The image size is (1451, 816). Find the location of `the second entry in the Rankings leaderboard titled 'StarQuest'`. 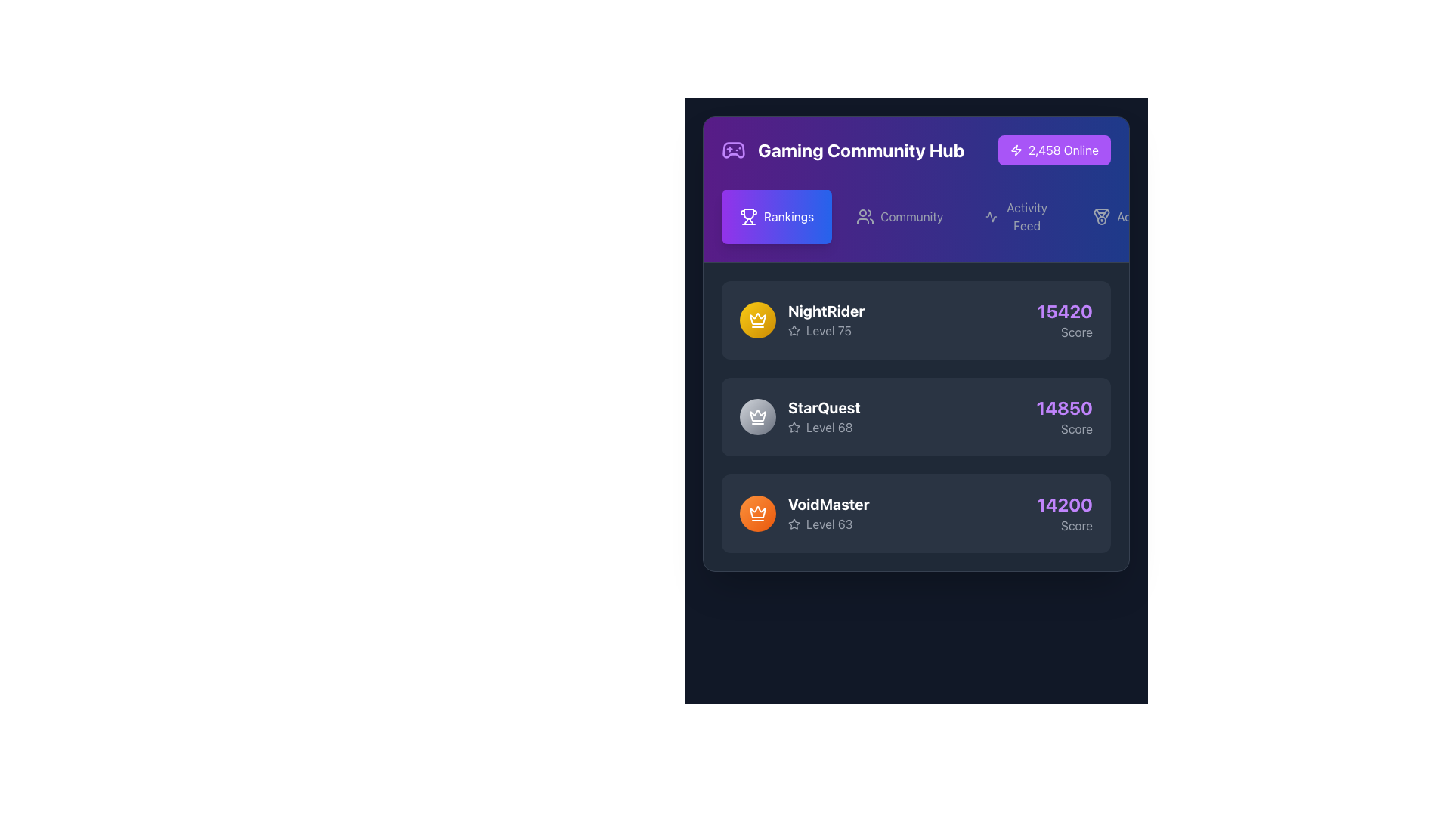

the second entry in the Rankings leaderboard titled 'StarQuest' is located at coordinates (915, 416).